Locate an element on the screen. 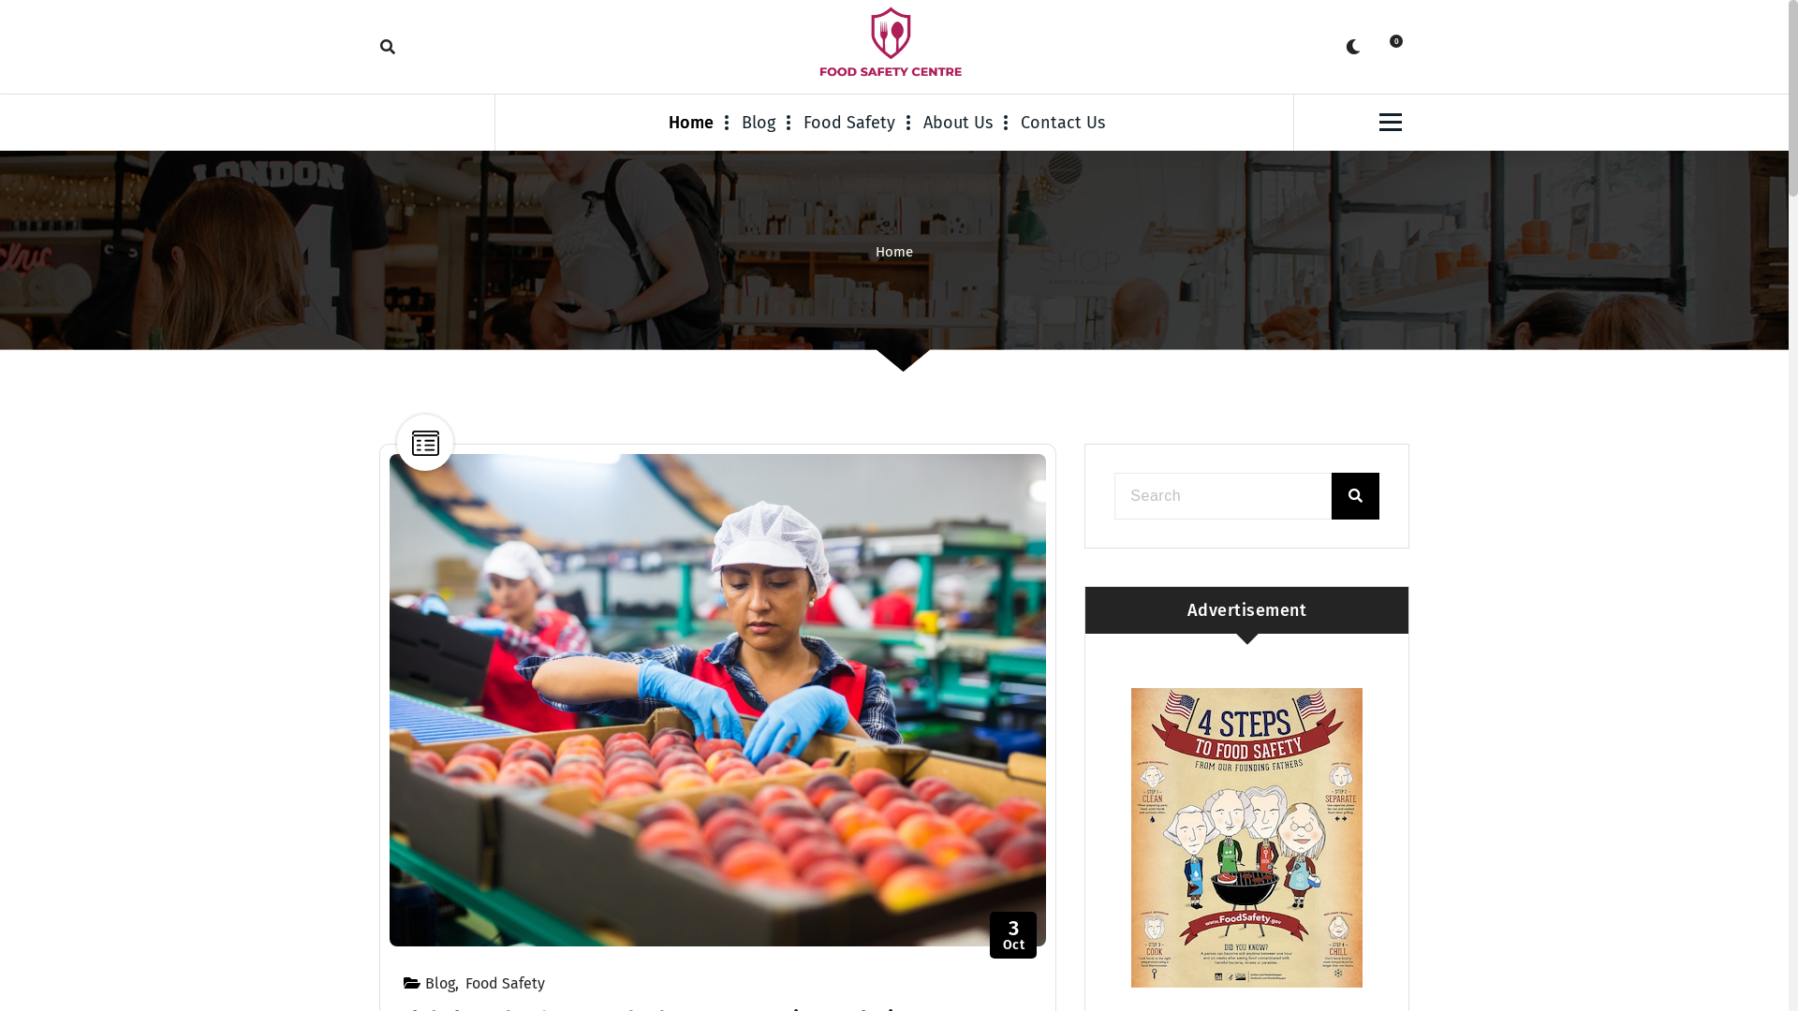  '3 is located at coordinates (1012, 935).